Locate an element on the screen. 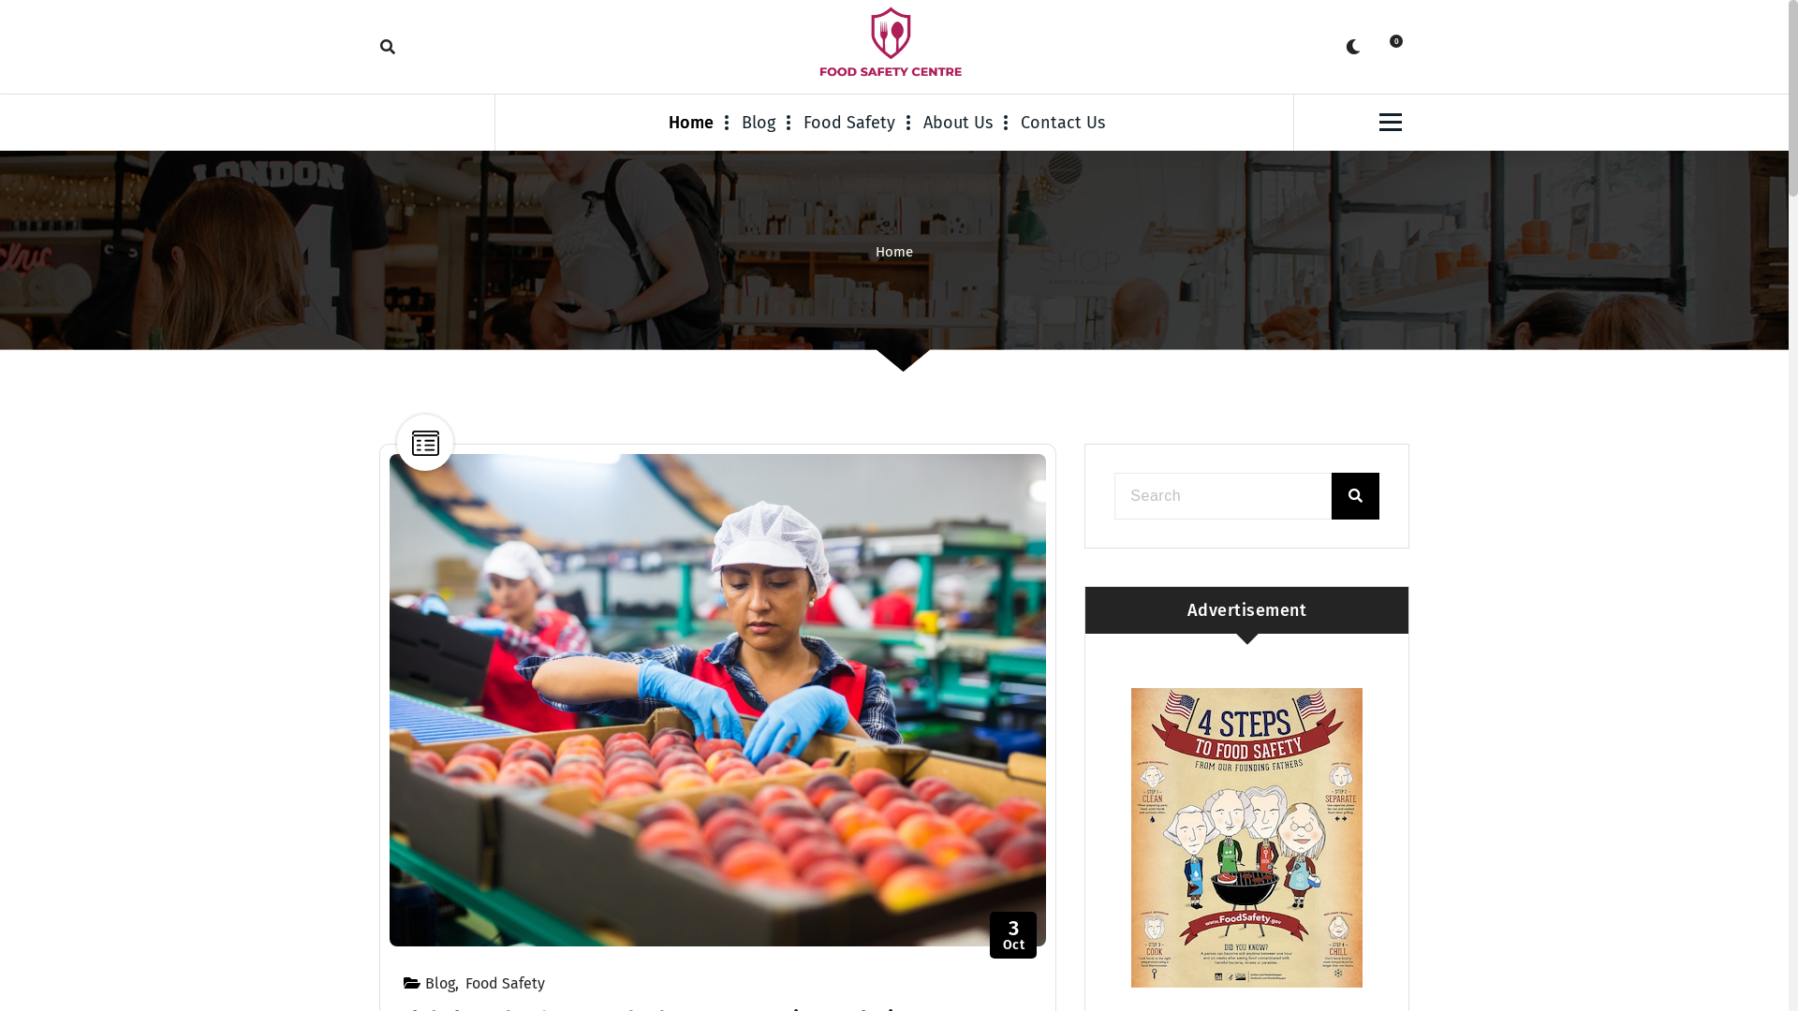  '3 is located at coordinates (1012, 935).